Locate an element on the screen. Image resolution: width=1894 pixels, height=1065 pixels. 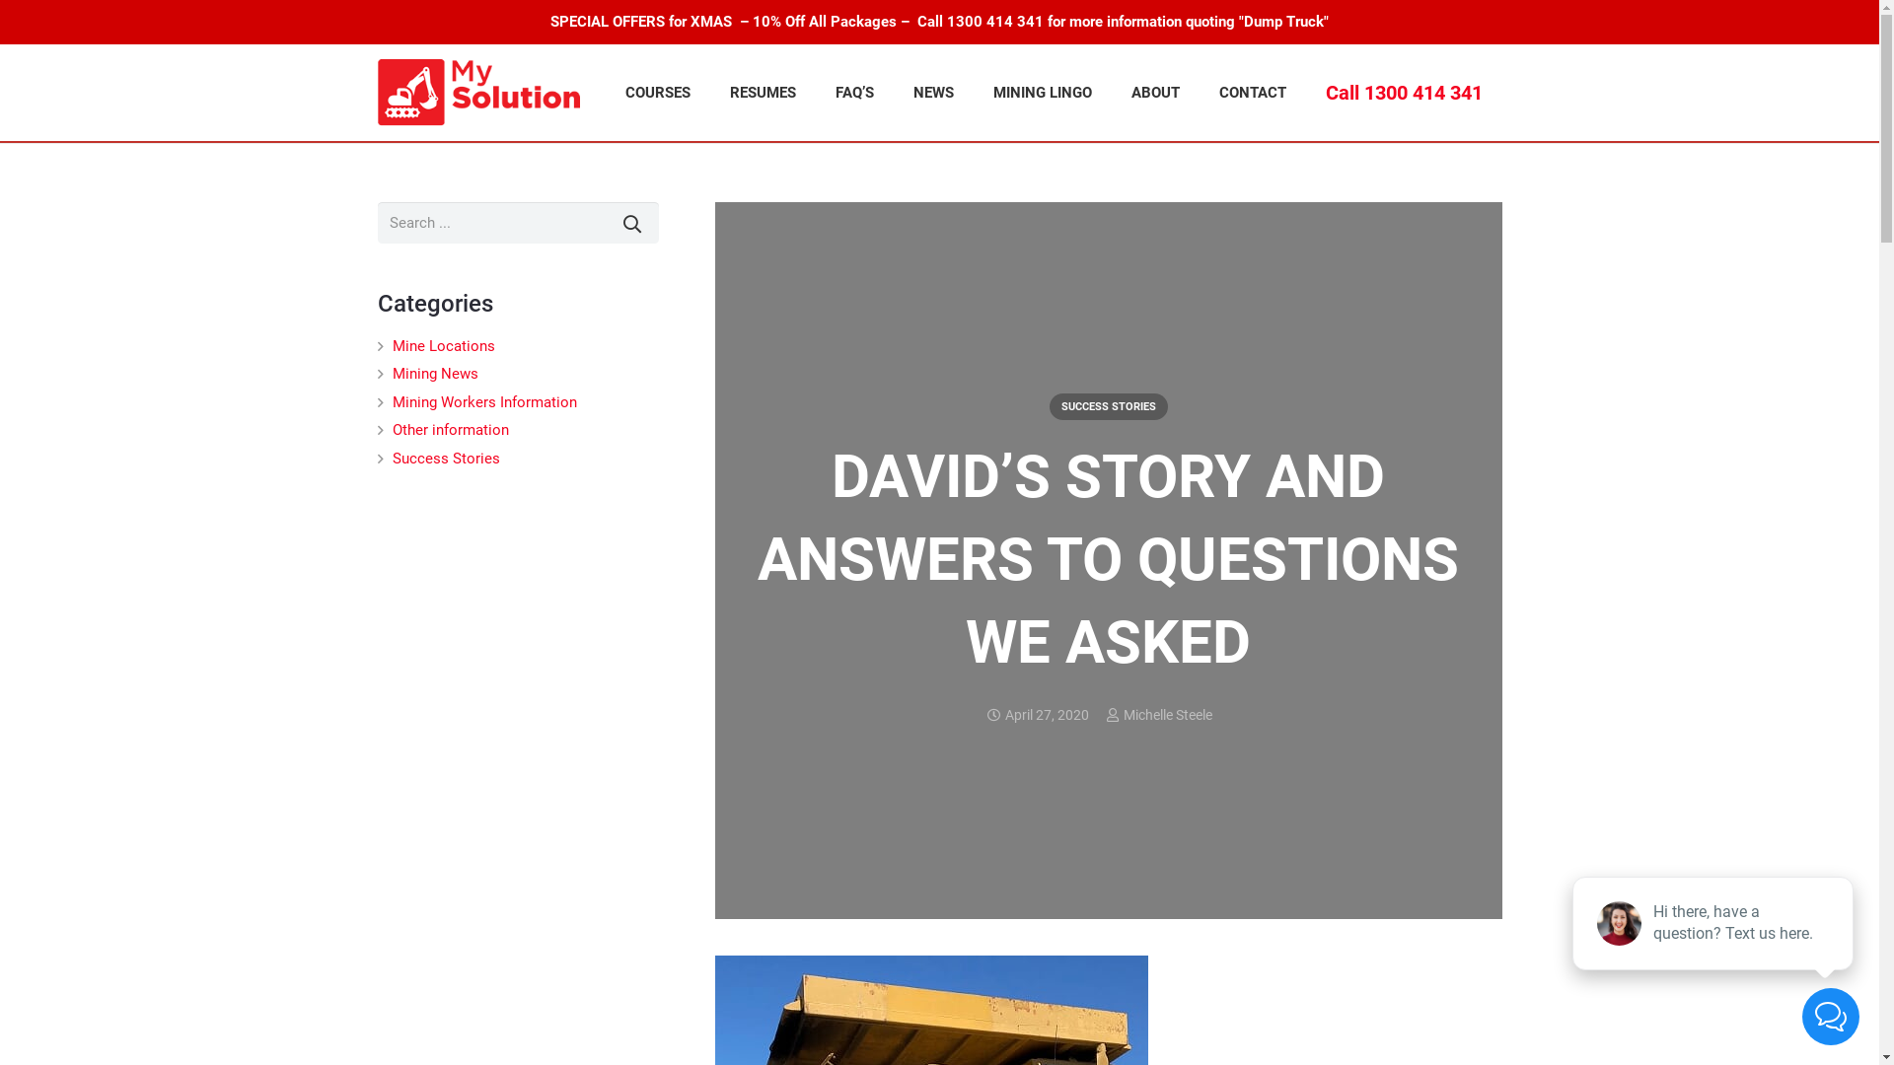
'Mining News' is located at coordinates (393, 373).